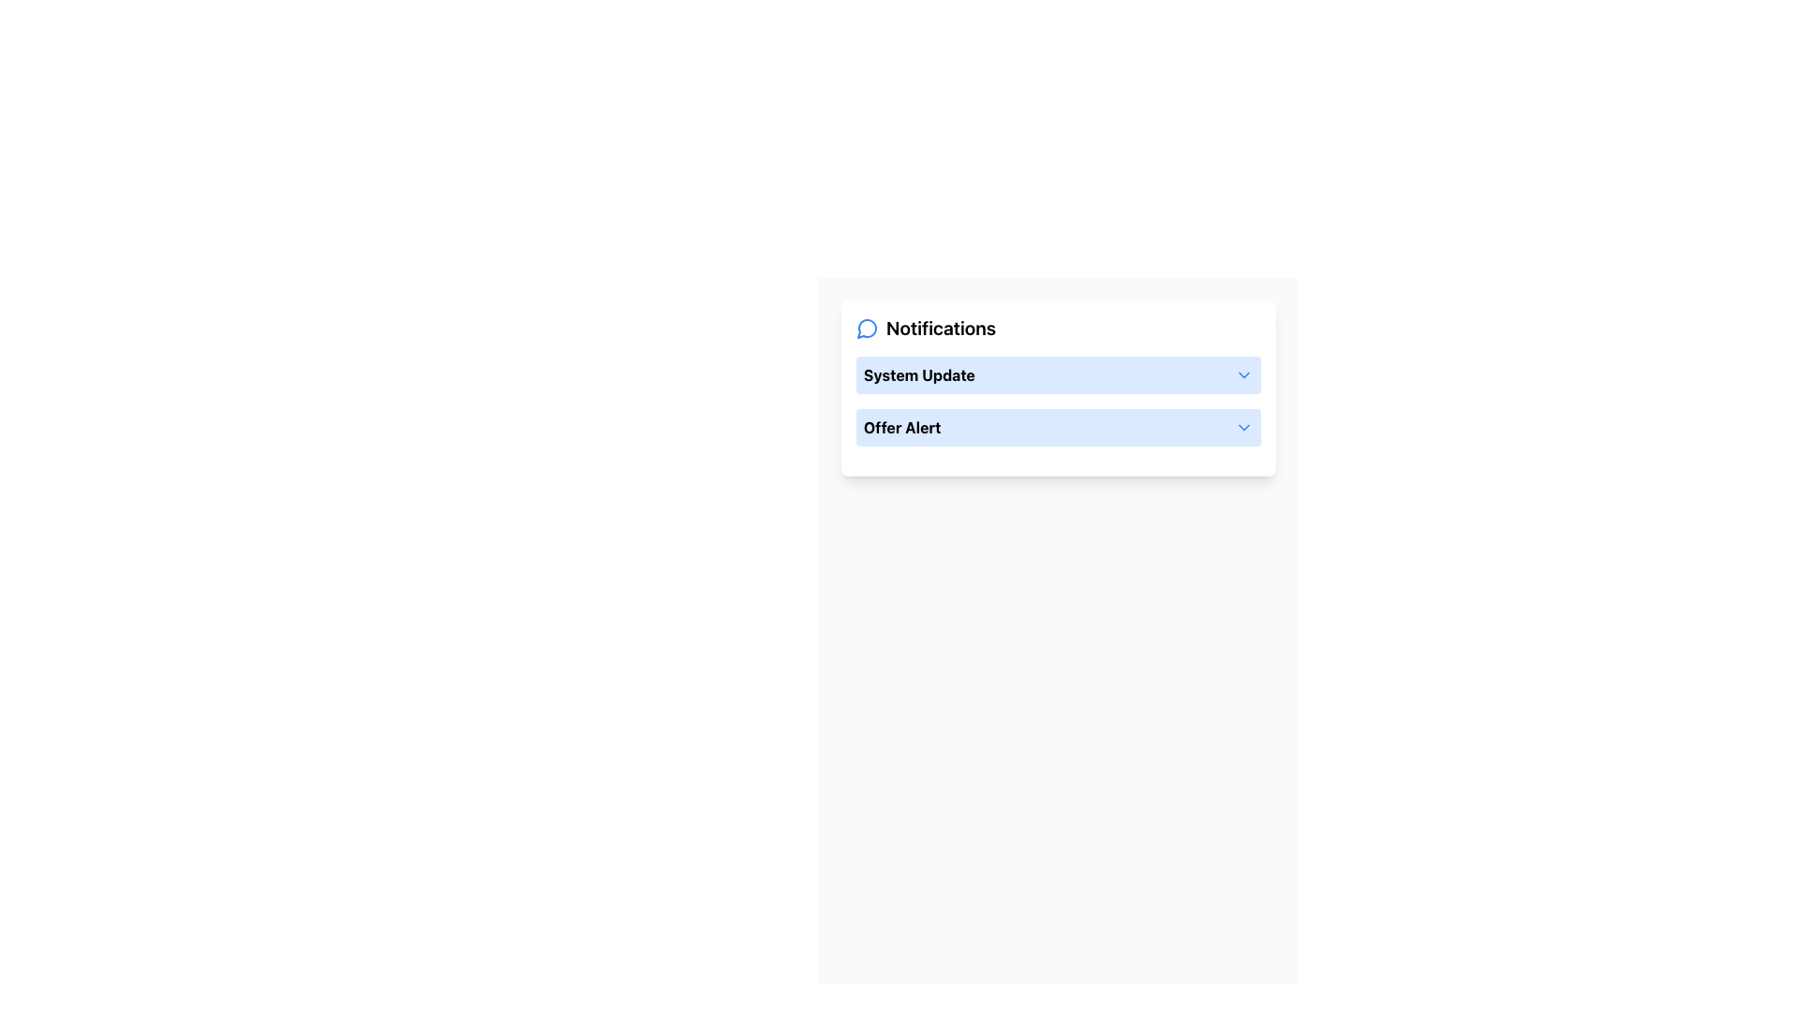 This screenshot has width=1799, height=1011. What do you see at coordinates (919, 375) in the screenshot?
I see `the text label displaying the title of the notification category in the 'Notifications' section, which is the first item in the list and aligned to the left` at bounding box center [919, 375].